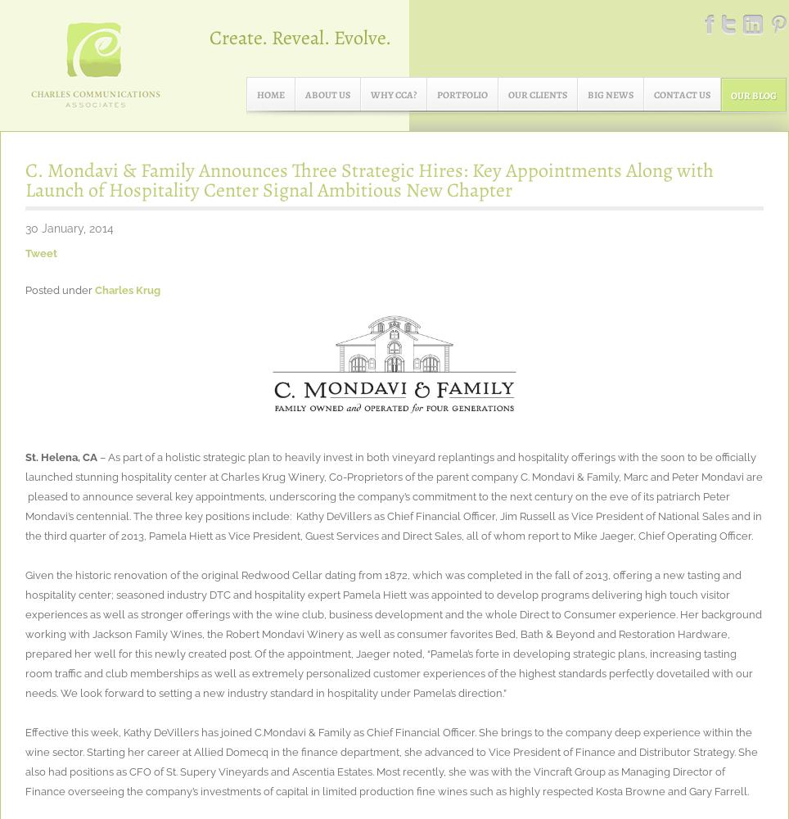 The height and width of the screenshot is (819, 789). What do you see at coordinates (127, 289) in the screenshot?
I see `'Charles Krug'` at bounding box center [127, 289].